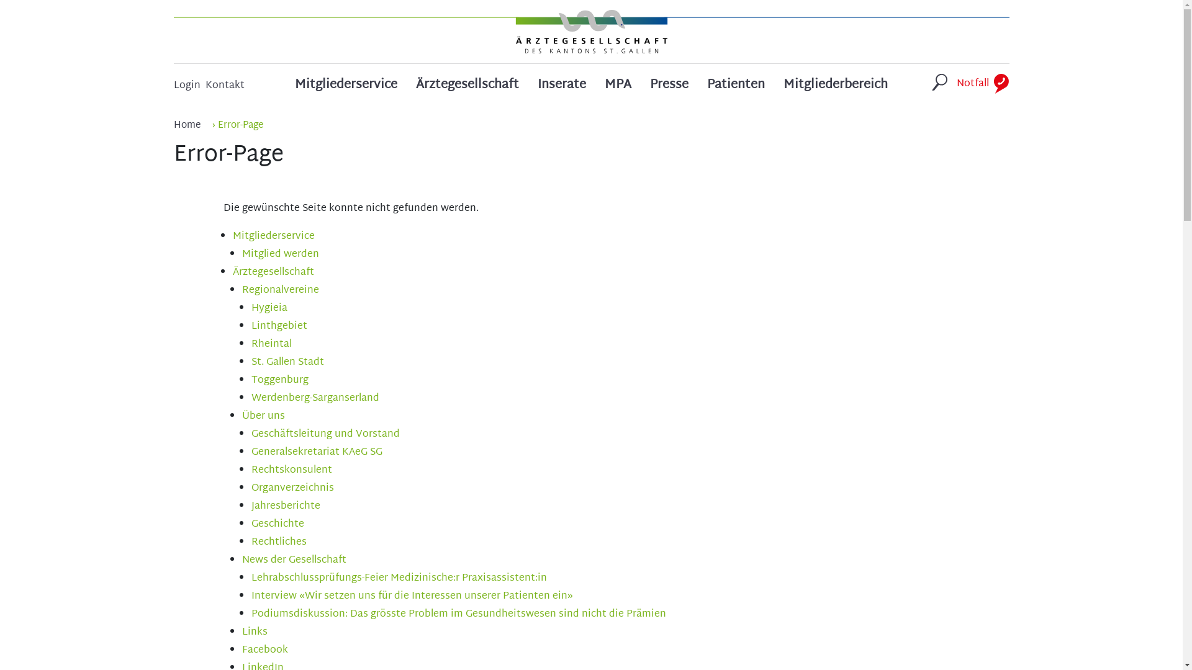  I want to click on 'Rechtliches', so click(278, 542).